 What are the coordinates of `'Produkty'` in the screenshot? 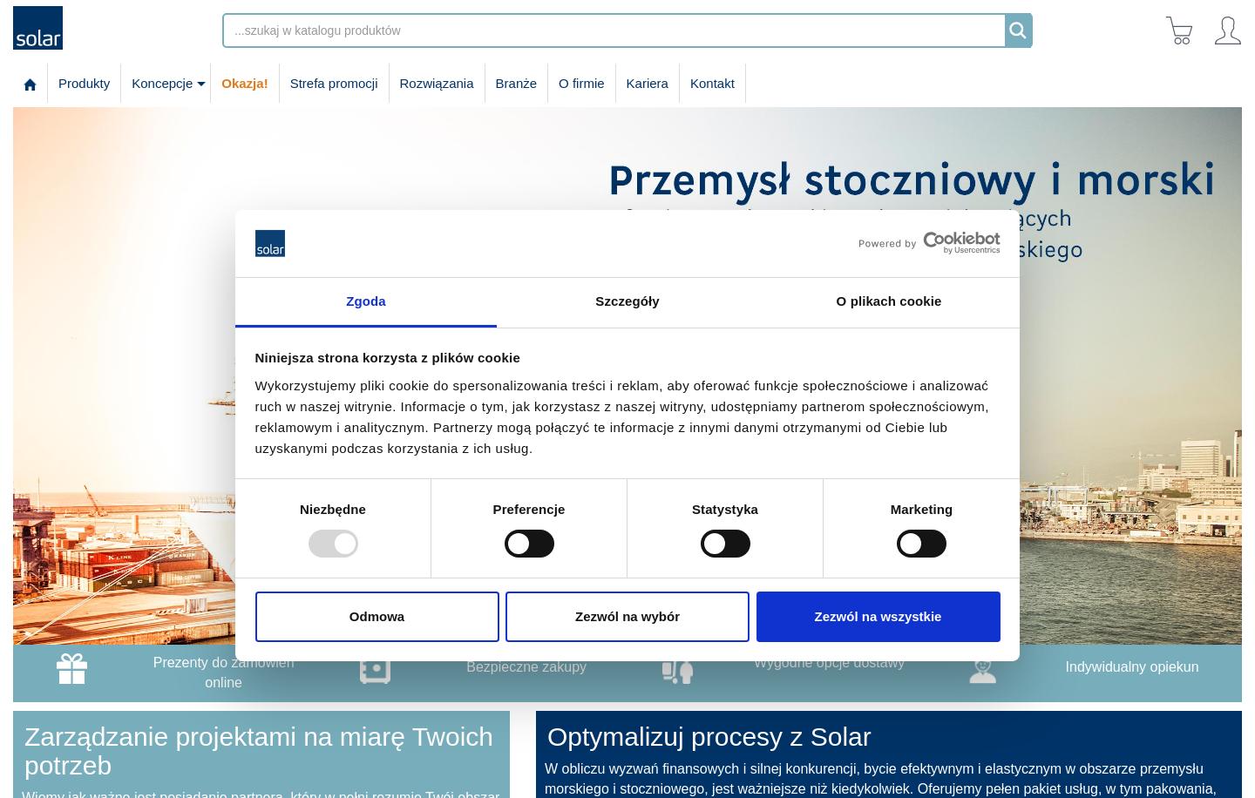 It's located at (84, 82).